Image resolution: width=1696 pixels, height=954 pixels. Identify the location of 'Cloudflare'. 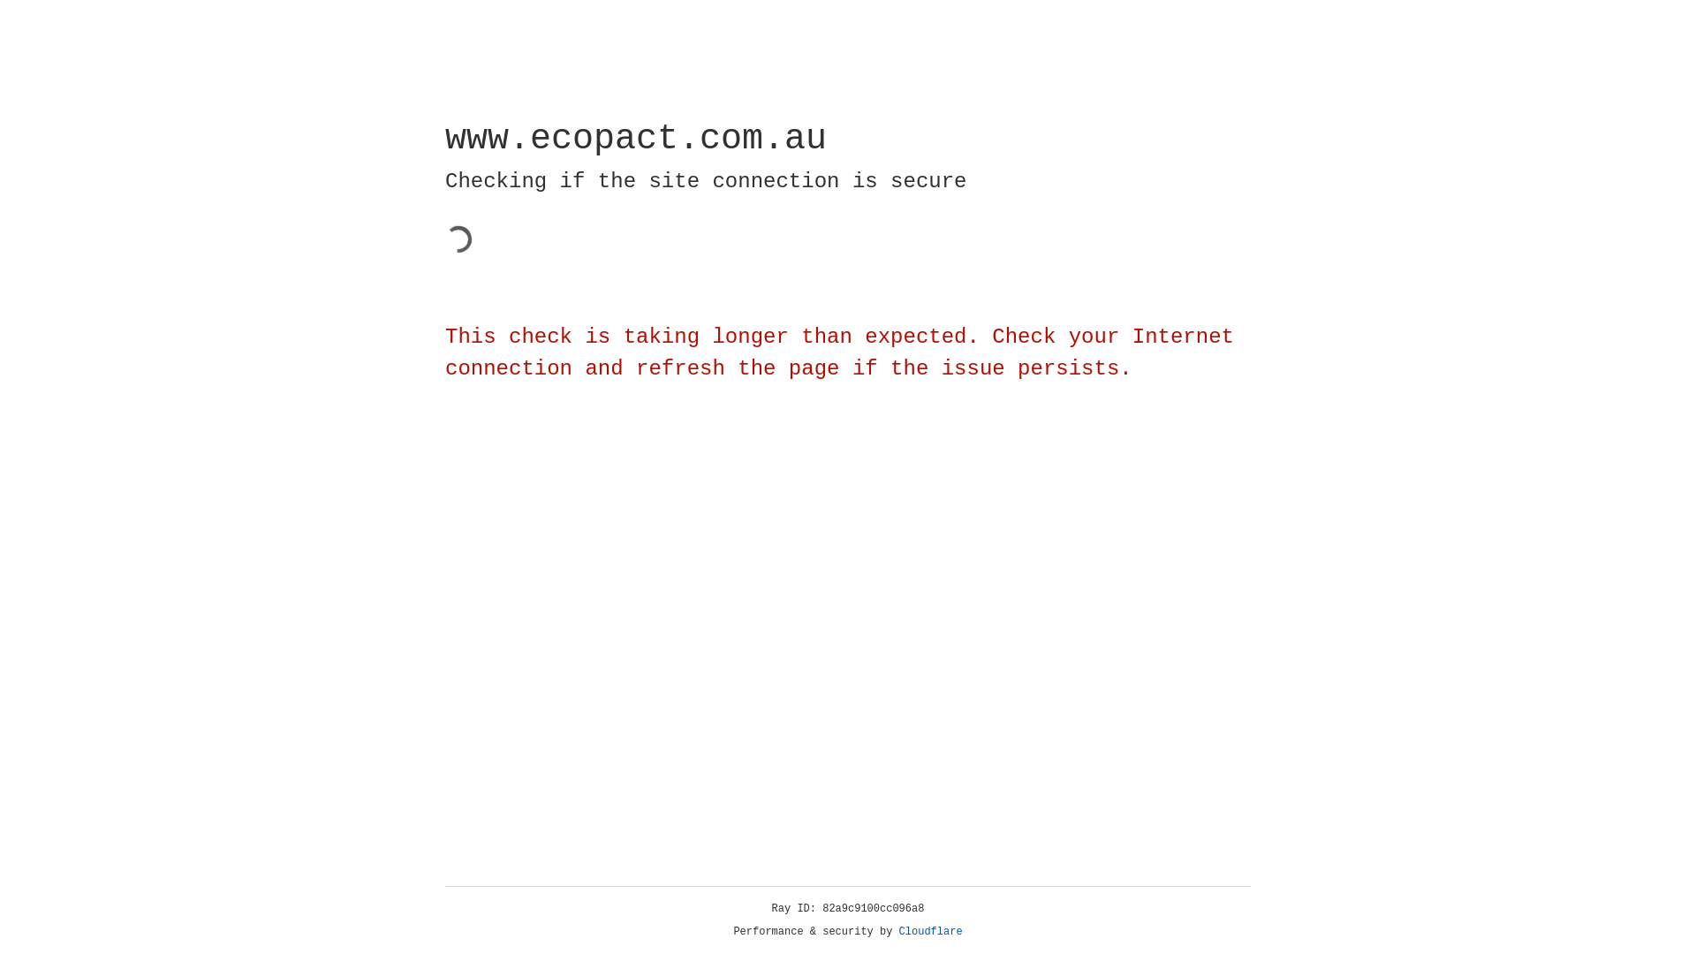
(930, 931).